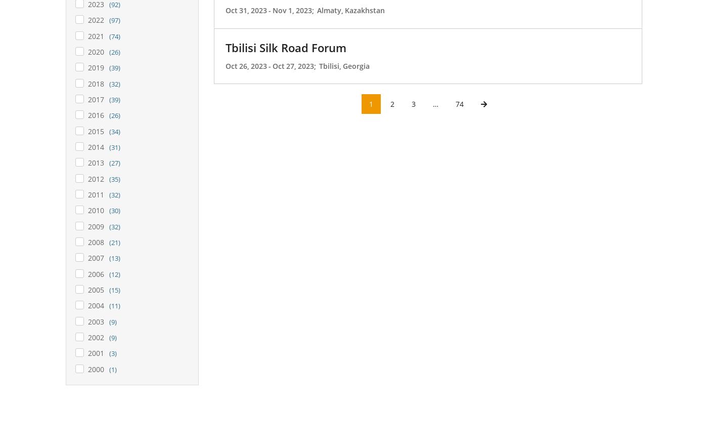  What do you see at coordinates (96, 289) in the screenshot?
I see `'2005'` at bounding box center [96, 289].